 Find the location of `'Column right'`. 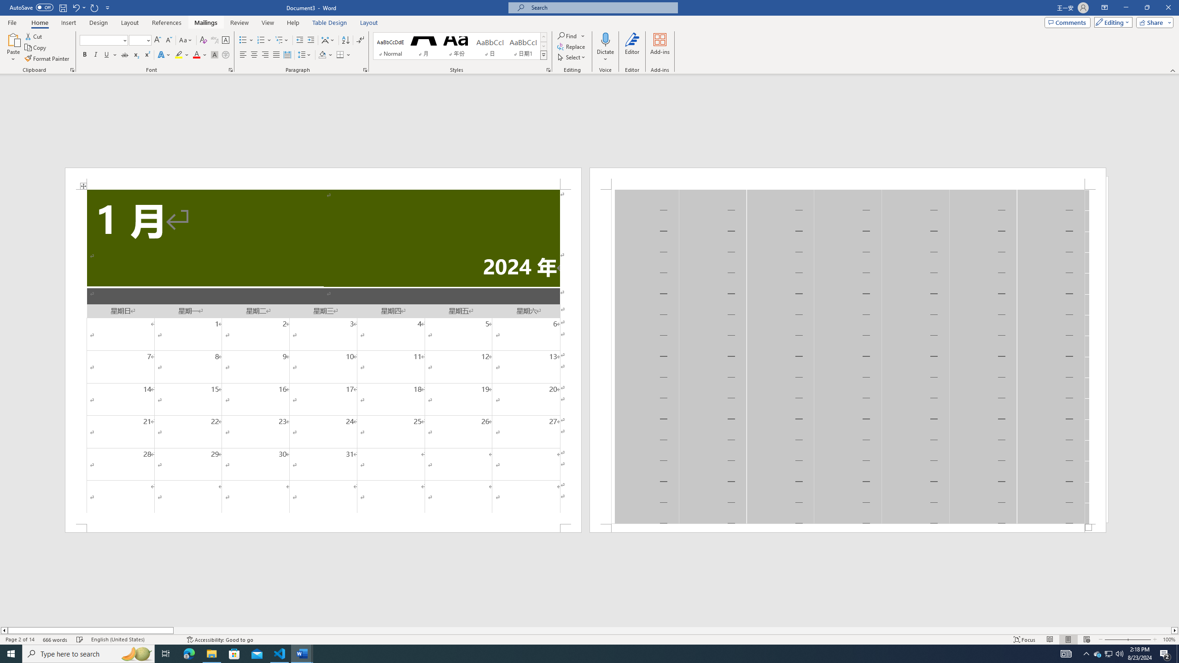

'Column right' is located at coordinates (1175, 630).